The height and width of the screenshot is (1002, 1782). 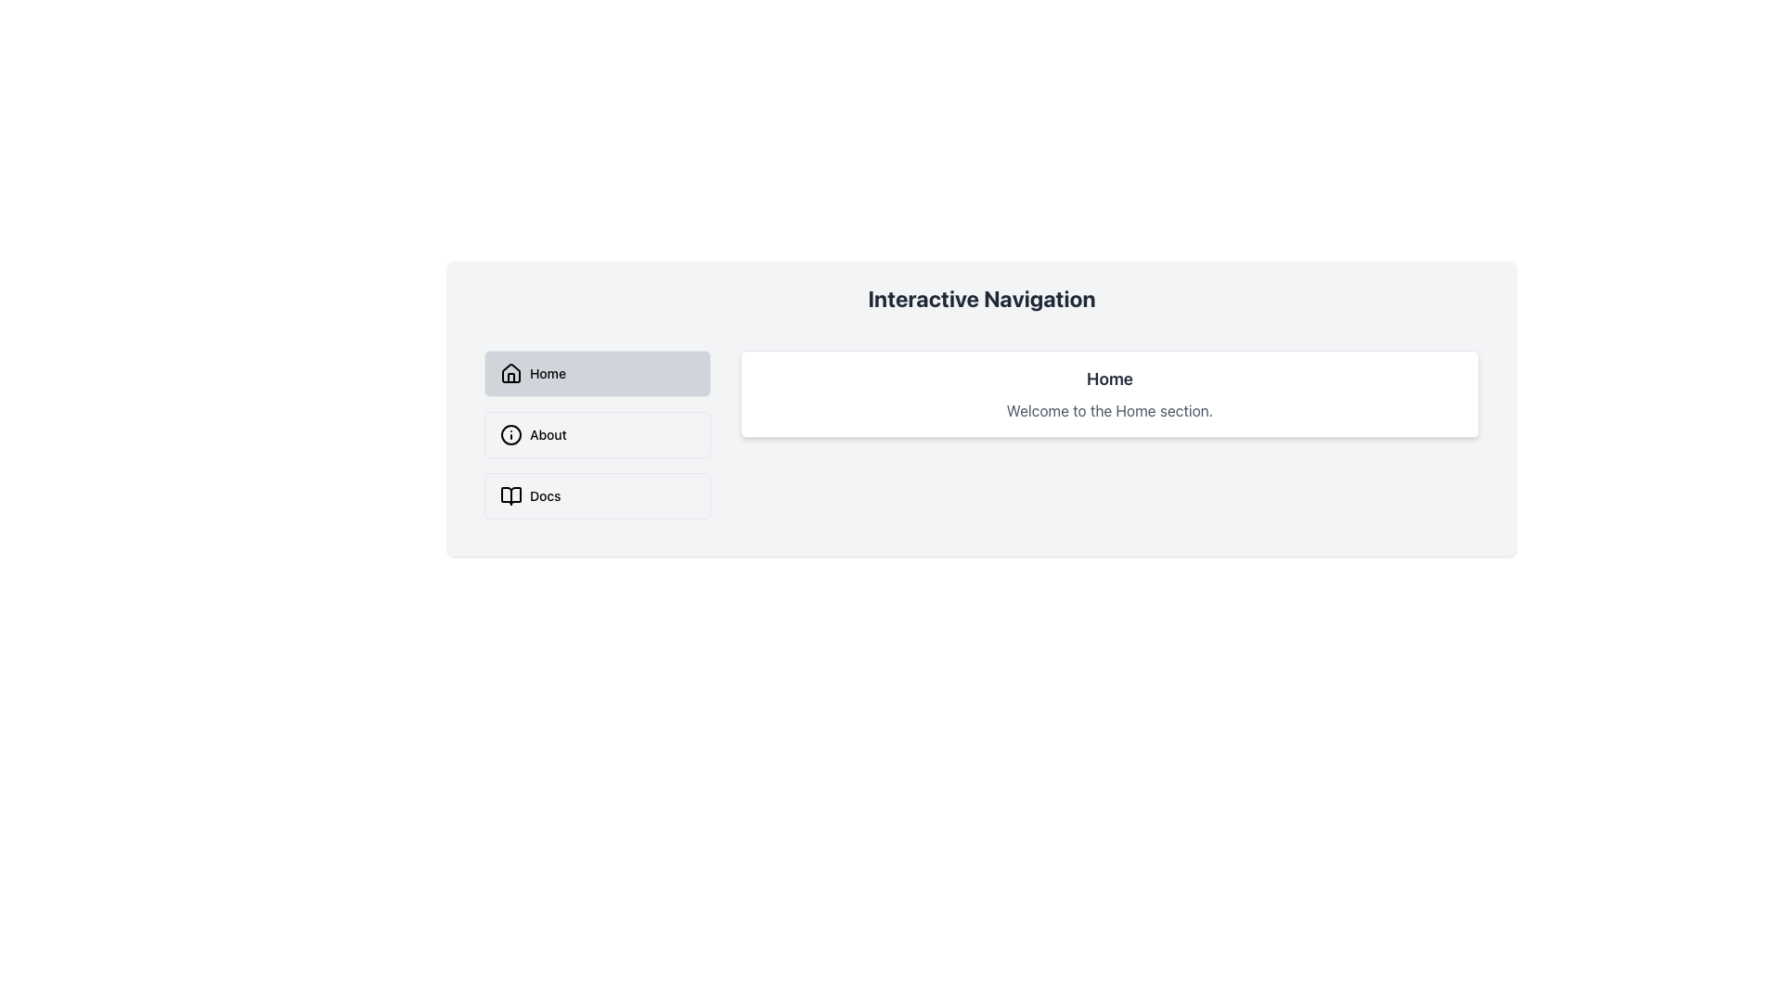 I want to click on the 'Home' icon in the vertical navigation panel, so click(x=511, y=373).